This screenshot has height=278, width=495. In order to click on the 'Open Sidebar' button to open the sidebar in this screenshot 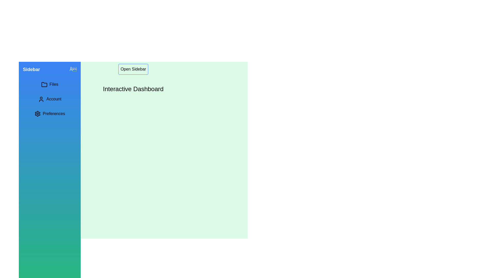, I will do `click(133, 69)`.